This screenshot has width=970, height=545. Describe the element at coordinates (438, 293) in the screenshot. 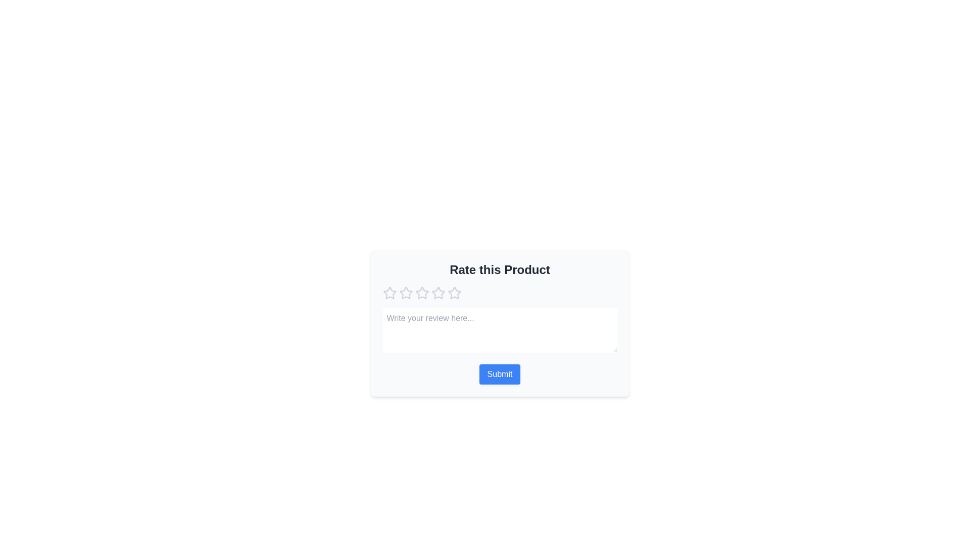

I see `the star corresponding to 4 stars to set the rating` at that location.